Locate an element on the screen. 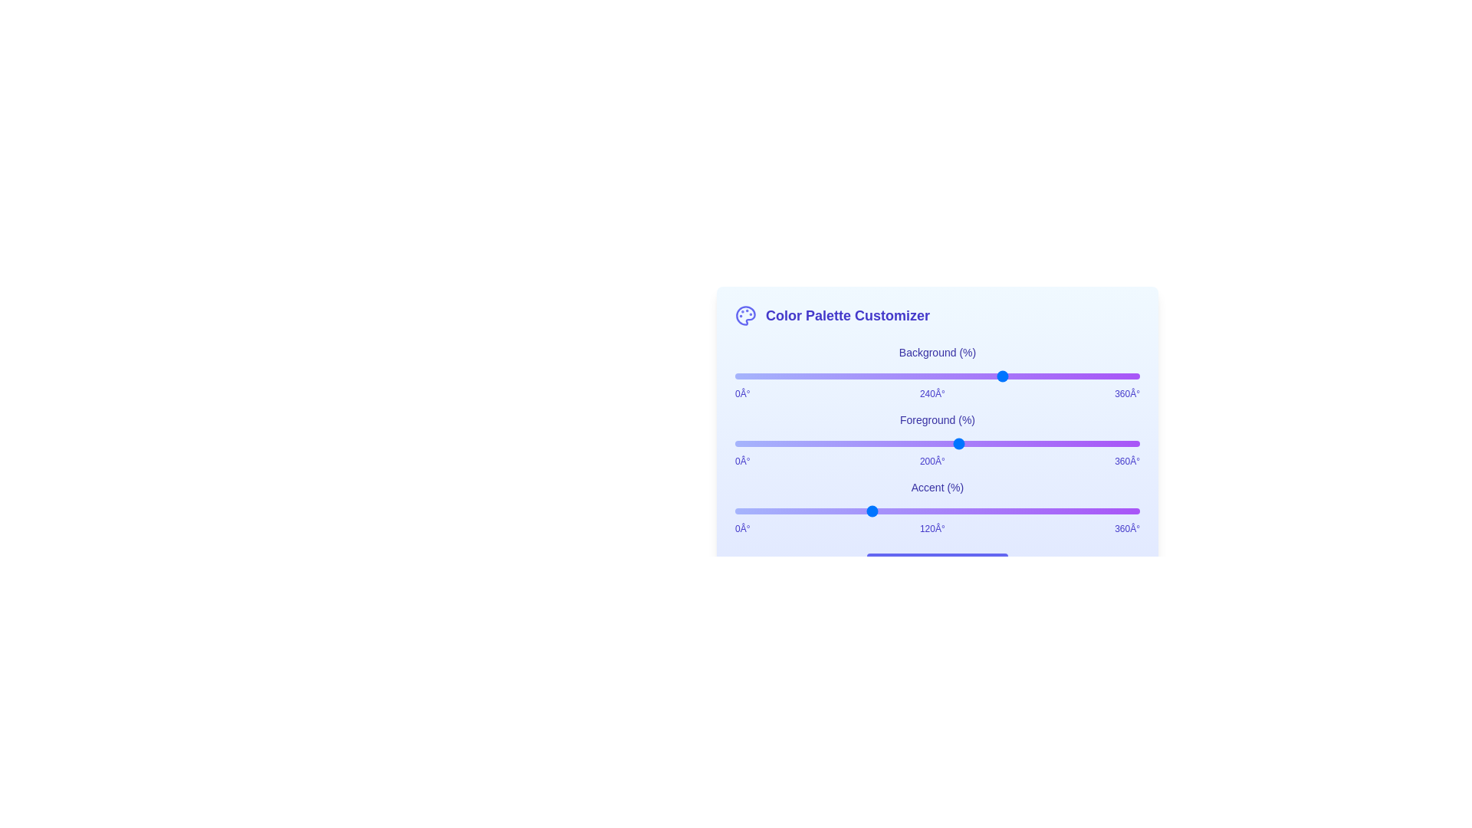 Image resolution: width=1472 pixels, height=828 pixels. the Accent slider to set its hue to 317 degrees is located at coordinates (1090, 511).